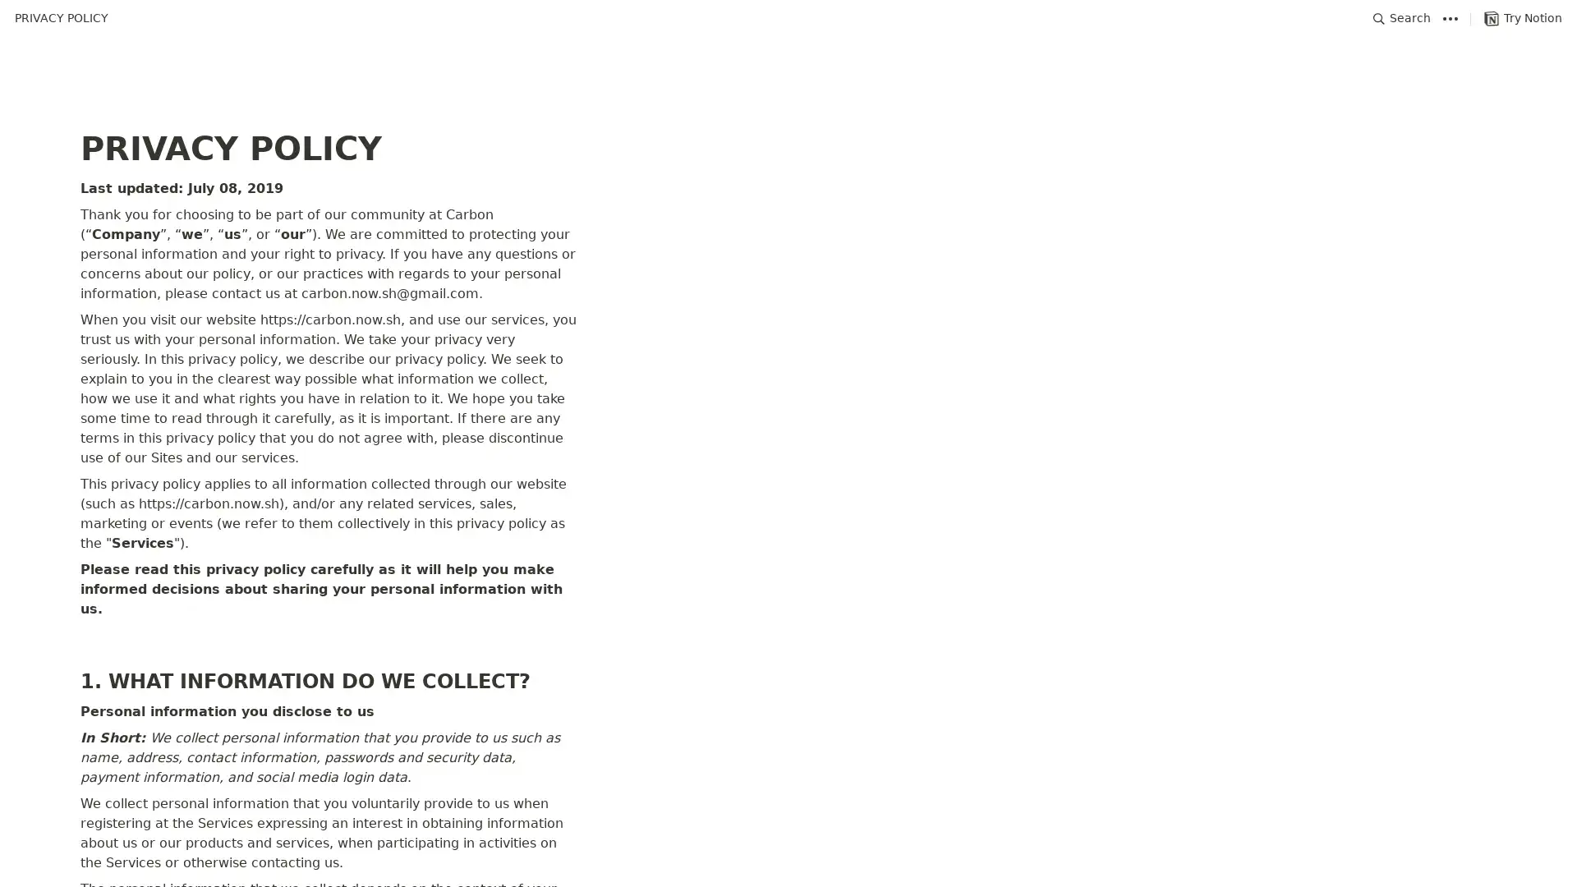 This screenshot has height=887, width=1577. What do you see at coordinates (62, 18) in the screenshot?
I see `PRIVACY POLICY` at bounding box center [62, 18].